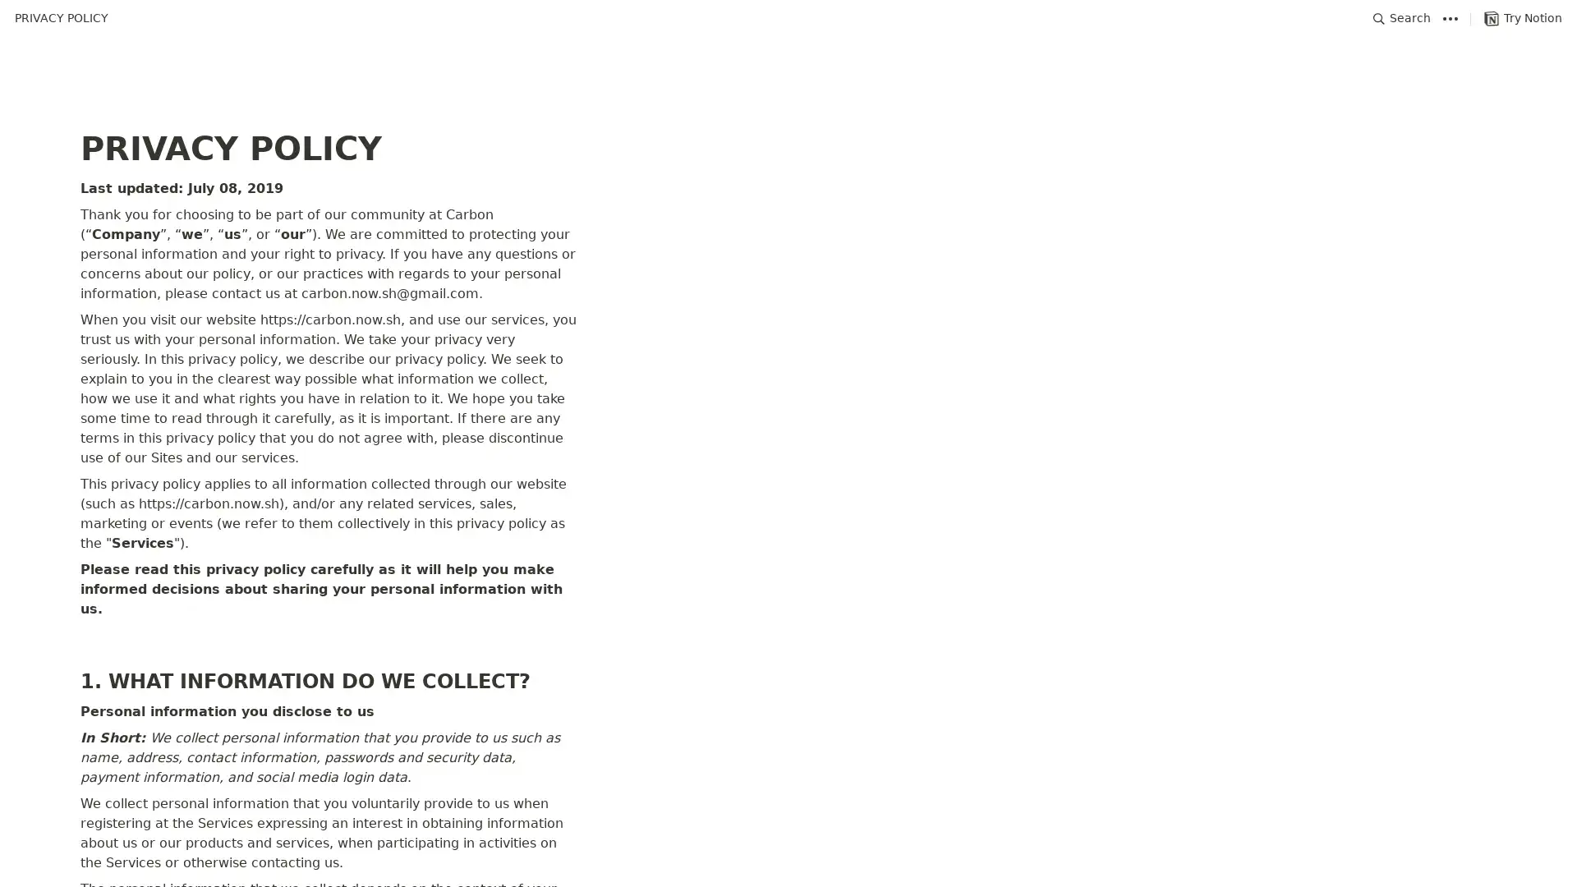 This screenshot has height=887, width=1577. What do you see at coordinates (62, 18) in the screenshot?
I see `PRIVACY POLICY` at bounding box center [62, 18].